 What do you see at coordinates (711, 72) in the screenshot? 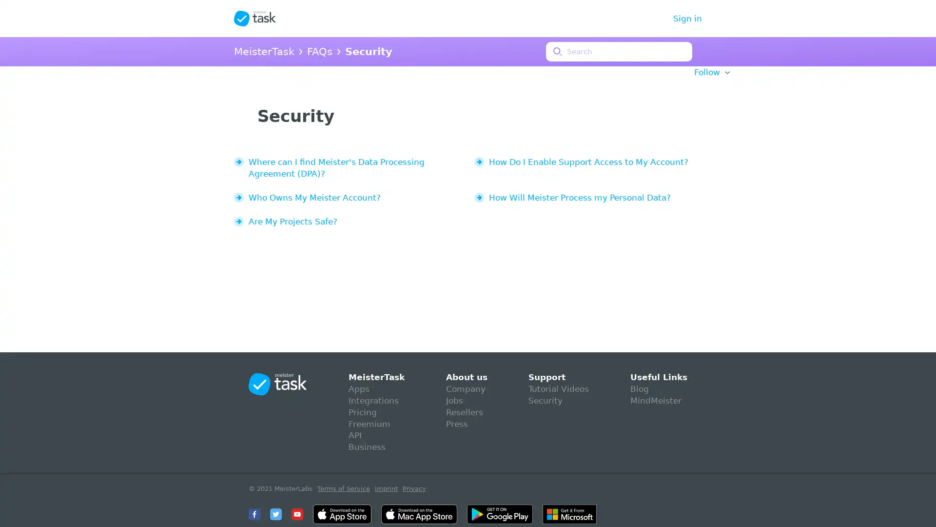
I see `Follow` at bounding box center [711, 72].